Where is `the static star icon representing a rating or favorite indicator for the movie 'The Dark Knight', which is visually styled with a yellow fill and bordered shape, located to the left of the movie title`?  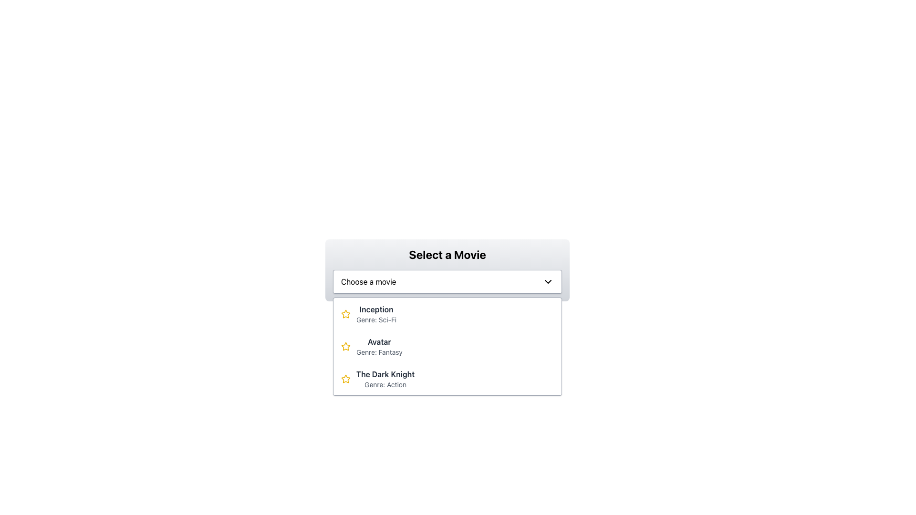
the static star icon representing a rating or favorite indicator for the movie 'The Dark Knight', which is visually styled with a yellow fill and bordered shape, located to the left of the movie title is located at coordinates (345, 378).